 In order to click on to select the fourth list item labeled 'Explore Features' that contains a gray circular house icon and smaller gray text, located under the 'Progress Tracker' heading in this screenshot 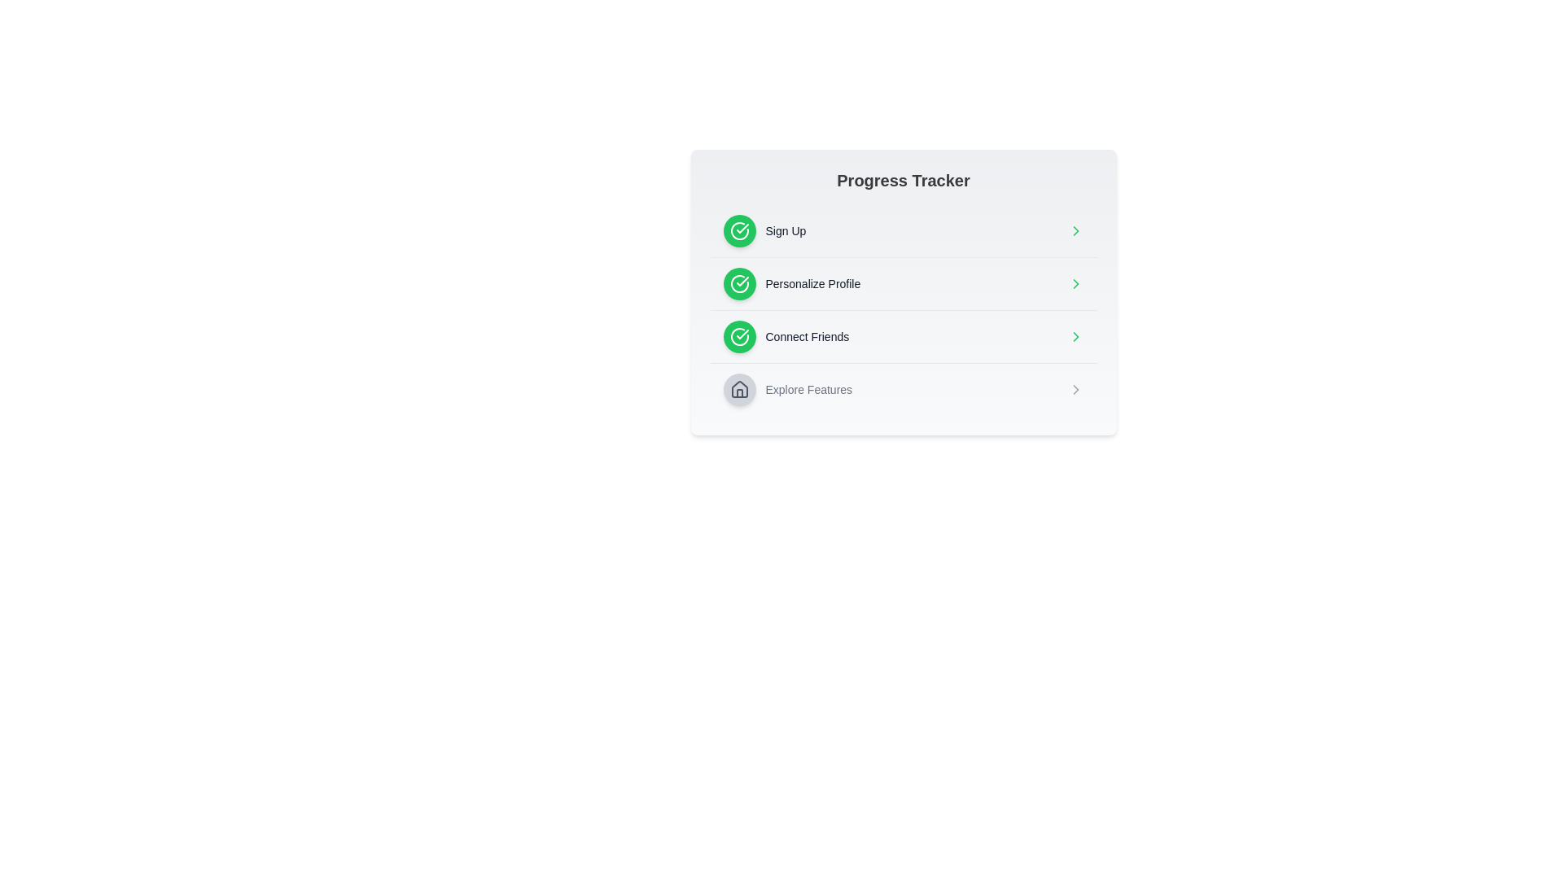, I will do `click(787, 389)`.